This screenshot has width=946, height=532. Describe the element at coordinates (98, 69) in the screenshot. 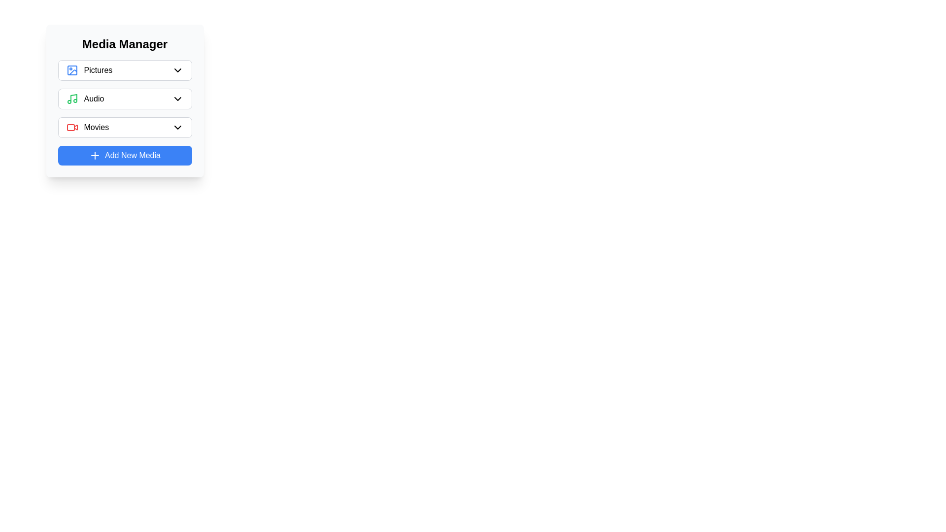

I see `the 'Pictures' text label, which is bold and positioned next to a blue picture icon in the Media Manager interface` at that location.